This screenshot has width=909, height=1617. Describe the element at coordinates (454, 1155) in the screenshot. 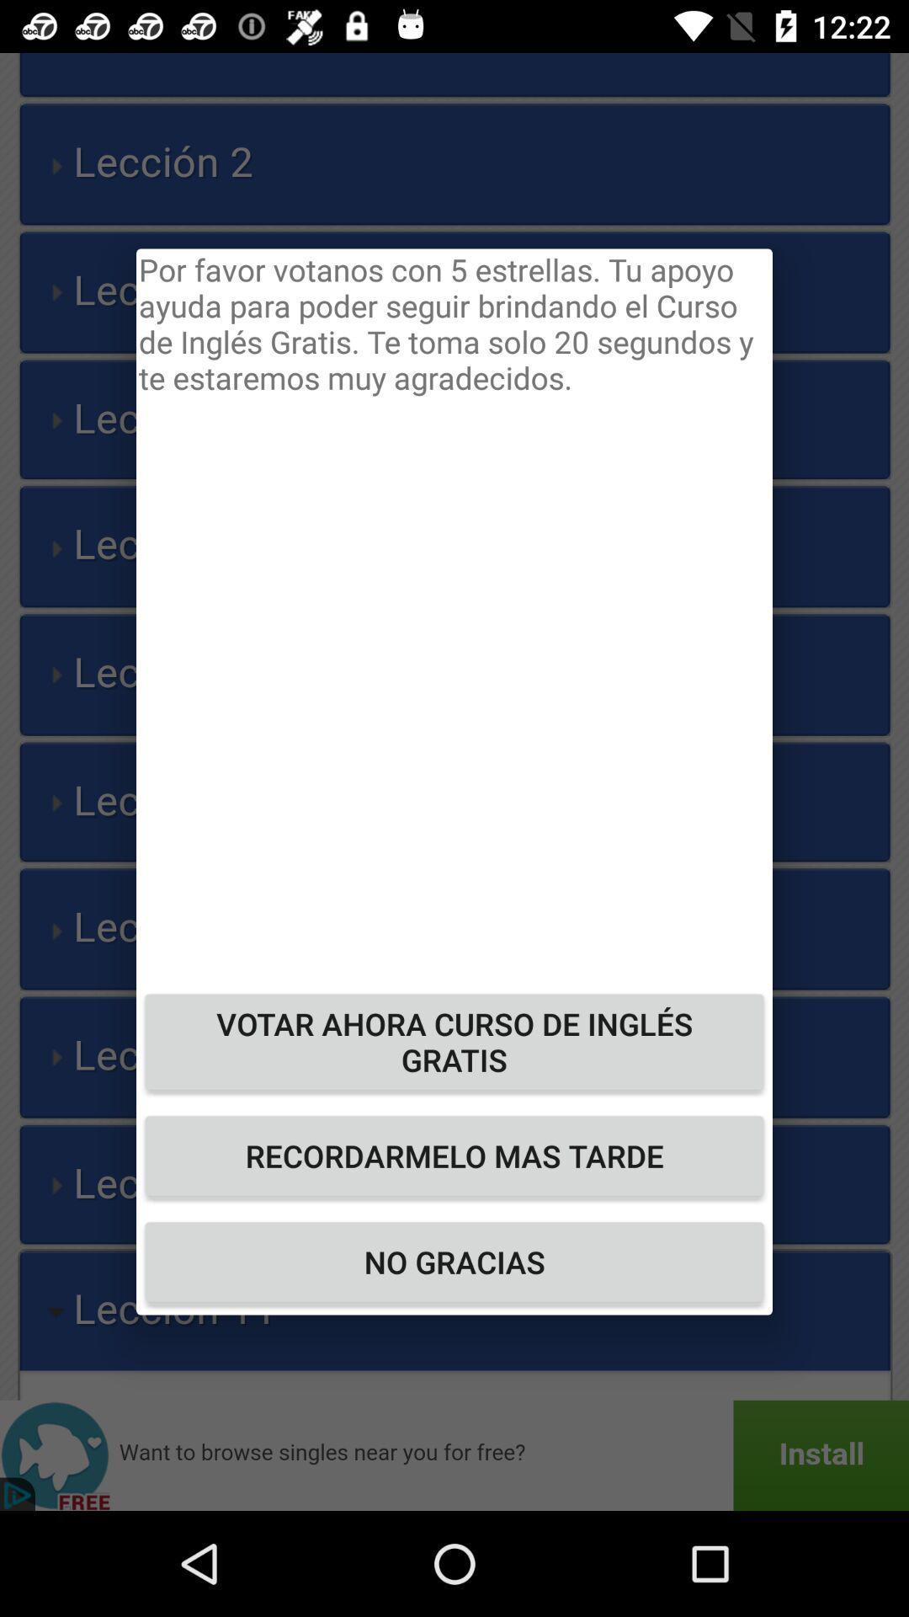

I see `the button above the no gracias item` at that location.